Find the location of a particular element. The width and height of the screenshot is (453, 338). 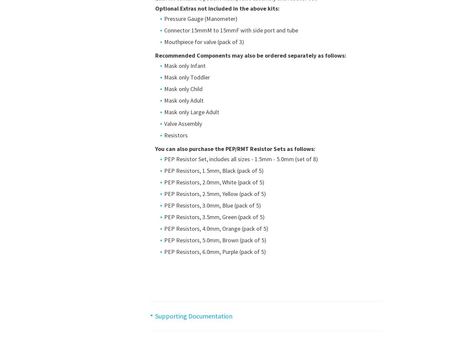

'Optional Extras not included in the above kits:' is located at coordinates (217, 8).